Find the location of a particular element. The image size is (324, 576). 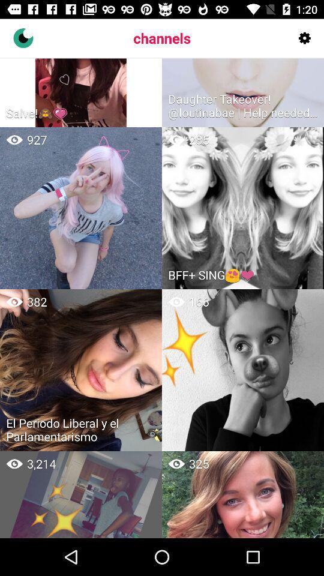

the call icon is located at coordinates (23, 38).